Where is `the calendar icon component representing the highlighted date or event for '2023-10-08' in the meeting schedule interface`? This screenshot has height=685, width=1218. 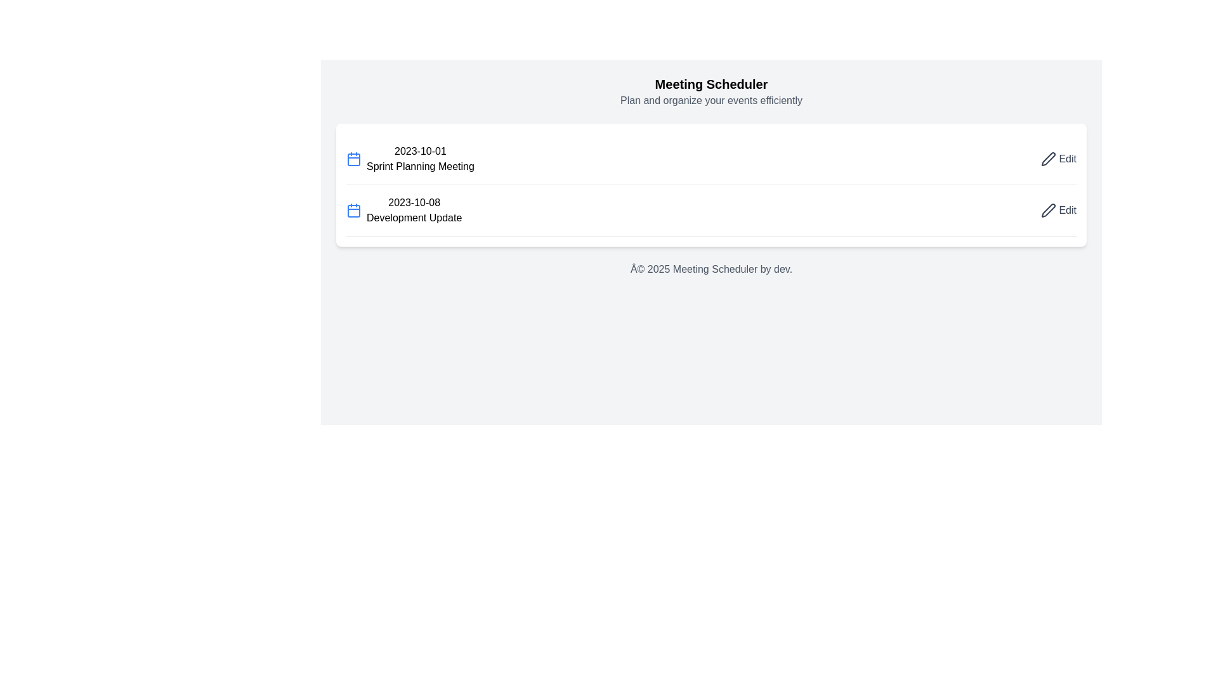 the calendar icon component representing the highlighted date or event for '2023-10-08' in the meeting schedule interface is located at coordinates (353, 210).